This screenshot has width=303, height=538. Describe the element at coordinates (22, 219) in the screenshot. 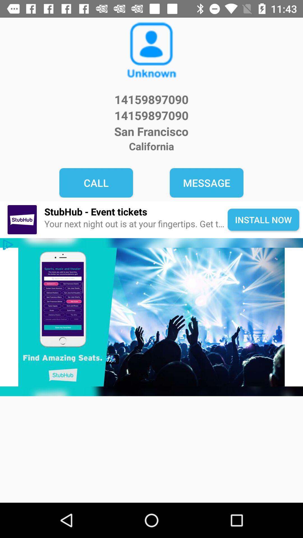

I see `the icon to the left of the stubhub - event tickets item` at that location.